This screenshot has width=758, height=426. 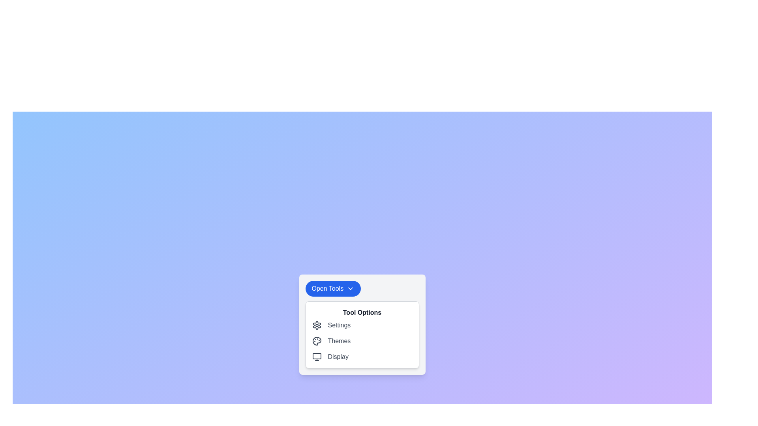 I want to click on the icon associated with the 'Themes' option in the menu, so click(x=317, y=340).